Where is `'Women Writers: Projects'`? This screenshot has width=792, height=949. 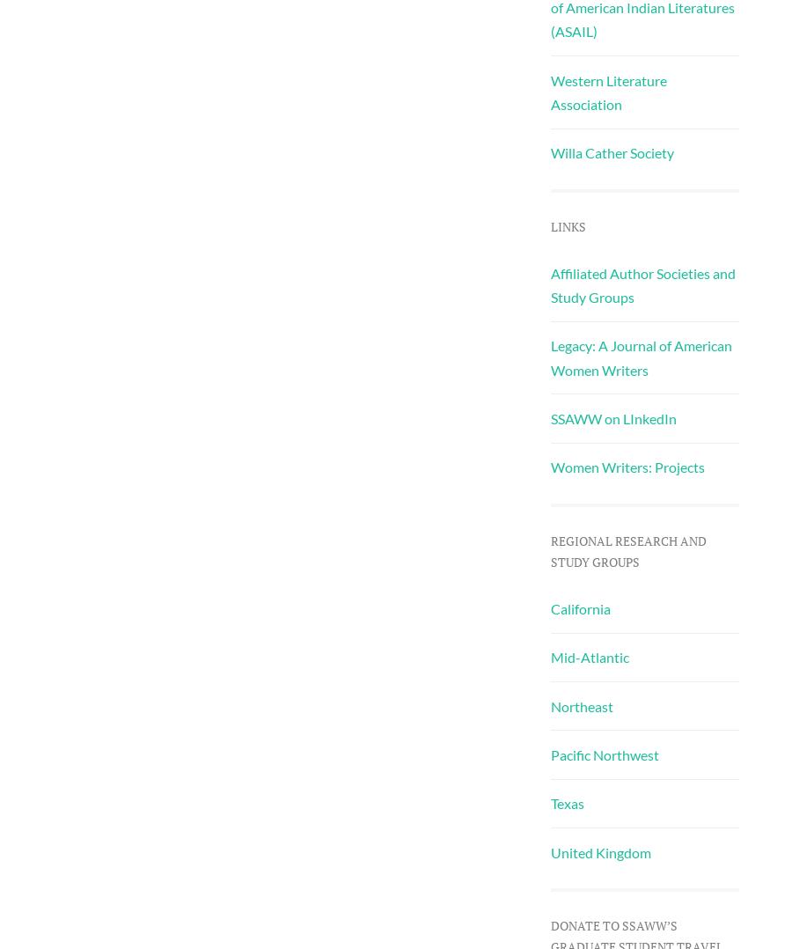
'Women Writers: Projects' is located at coordinates (626, 467).